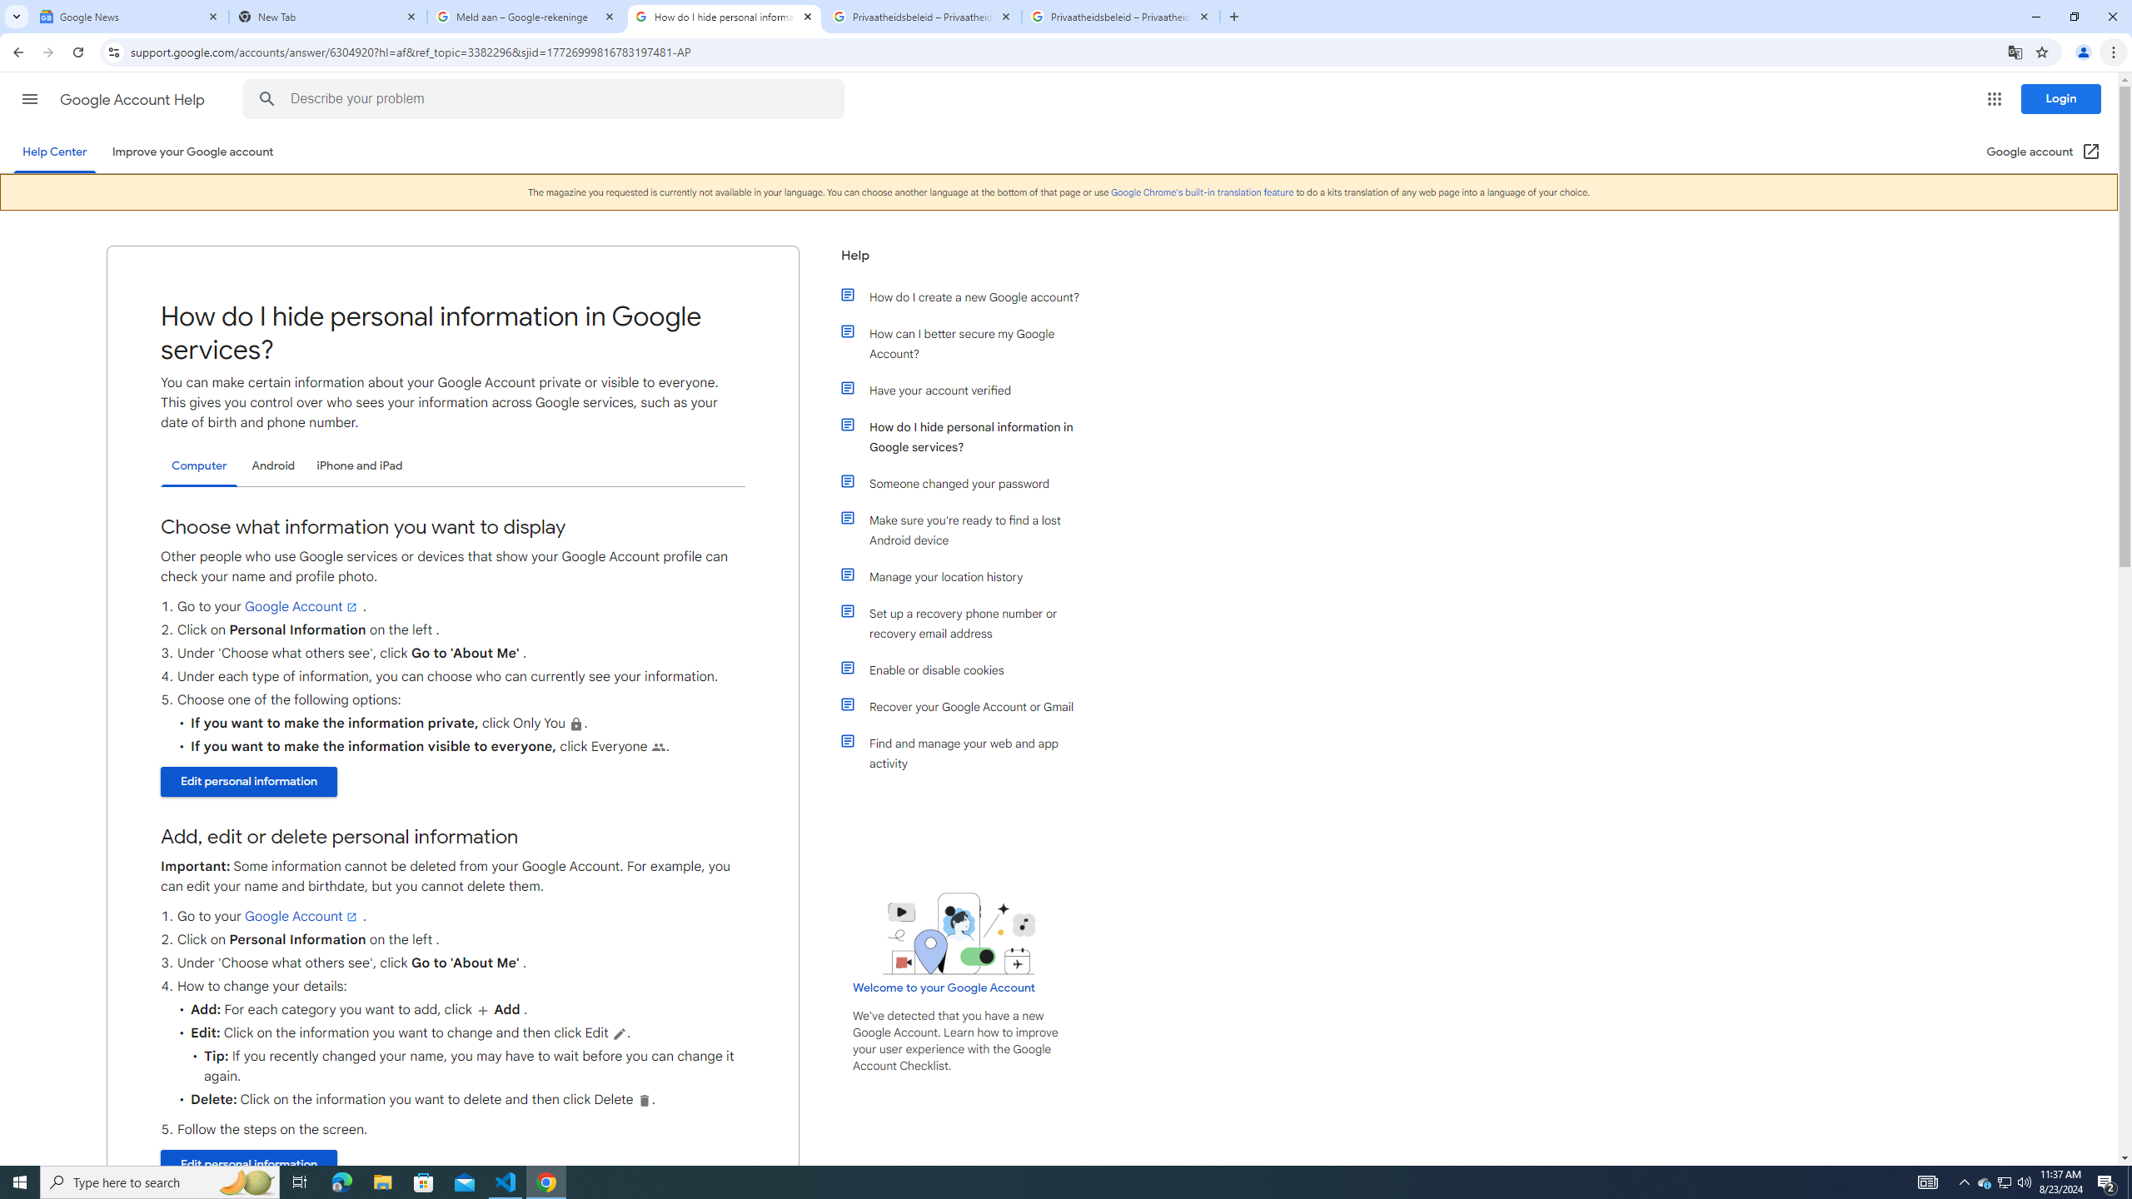 This screenshot has width=2132, height=1199. Describe the element at coordinates (546, 98) in the screenshot. I see `'Describe your problem'` at that location.